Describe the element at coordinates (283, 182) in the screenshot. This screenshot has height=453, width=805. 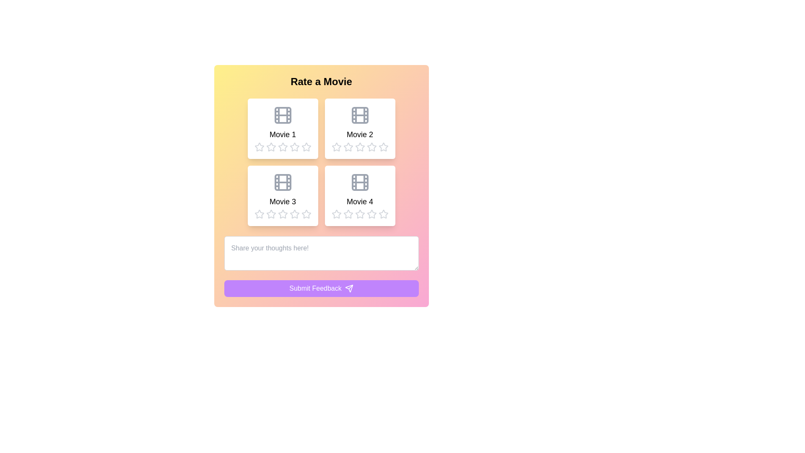
I see `the decorative component of the 'Movie 3' icon that represents a segment of the film reel in the bottom-left quadrant of the grid layout` at that location.